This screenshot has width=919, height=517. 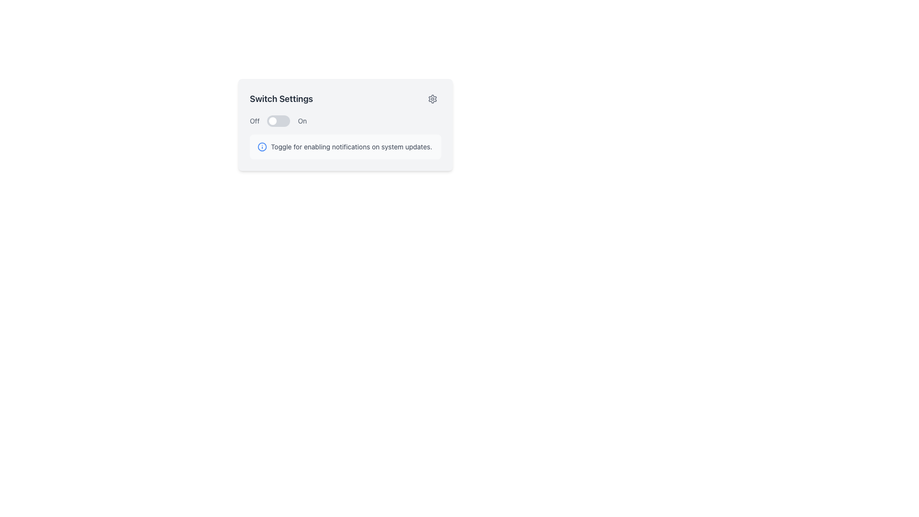 What do you see at coordinates (262, 147) in the screenshot?
I see `the circular blue information icon, which is positioned to the left of the label text 'Toggle for enabling notifications on system updates'` at bounding box center [262, 147].